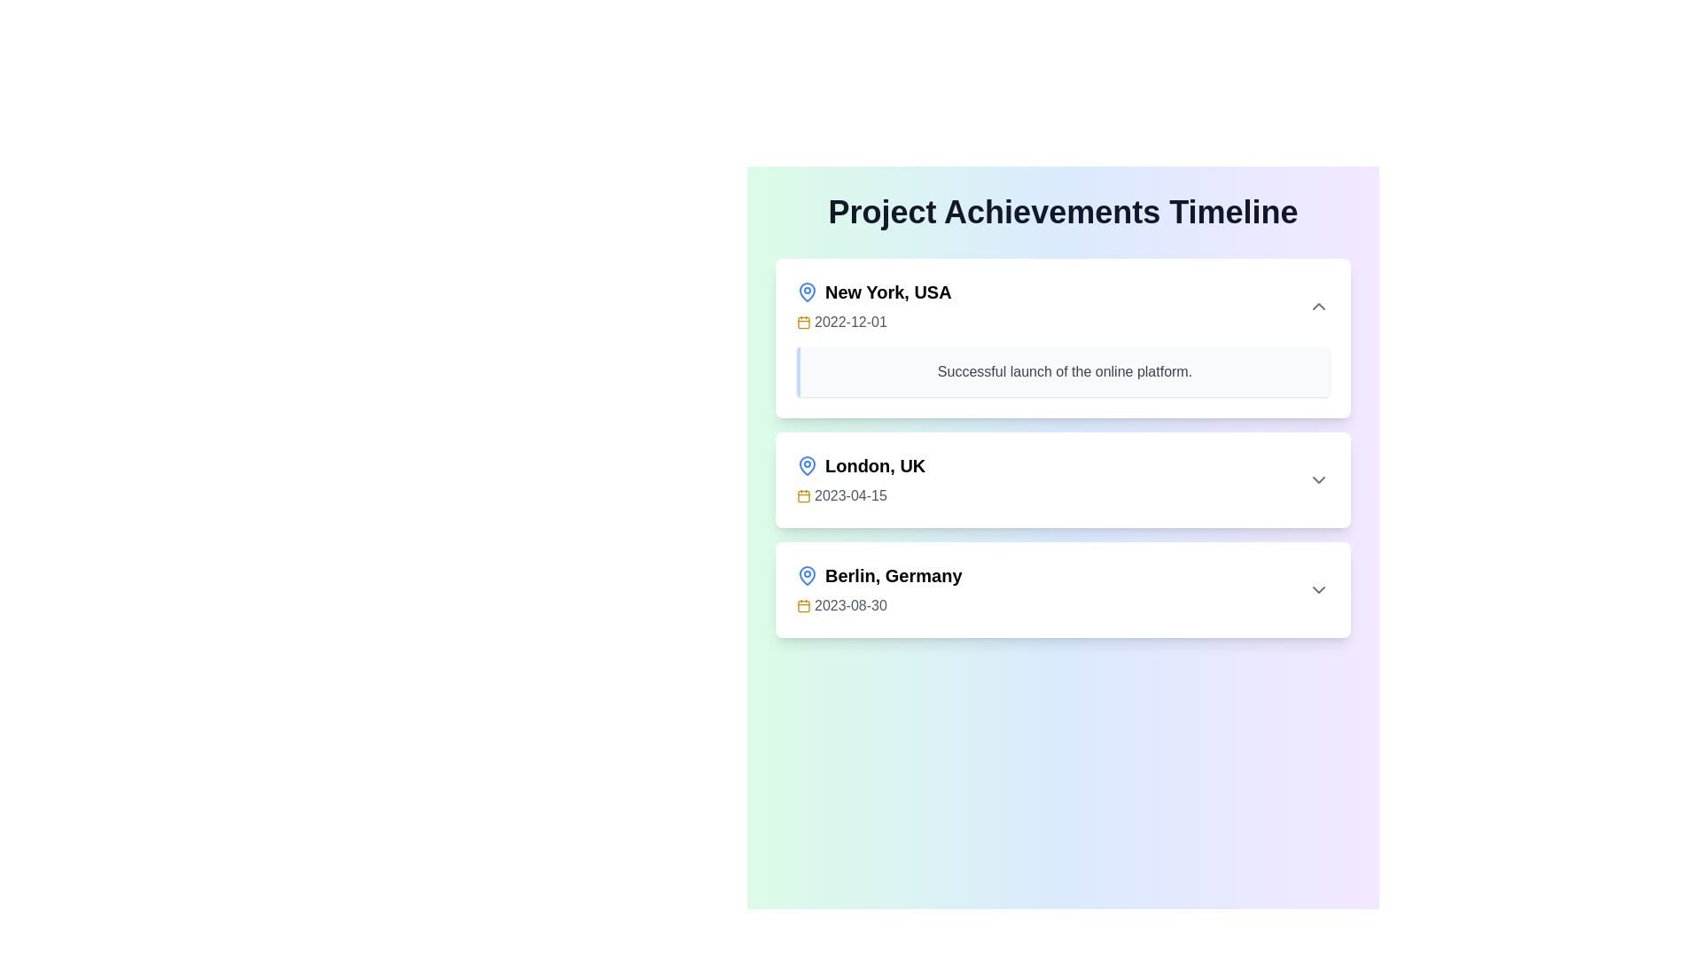  What do you see at coordinates (861, 464) in the screenshot?
I see `text from the label displaying 'London, UK' which is styled in bold and positioned in a timeline interface` at bounding box center [861, 464].